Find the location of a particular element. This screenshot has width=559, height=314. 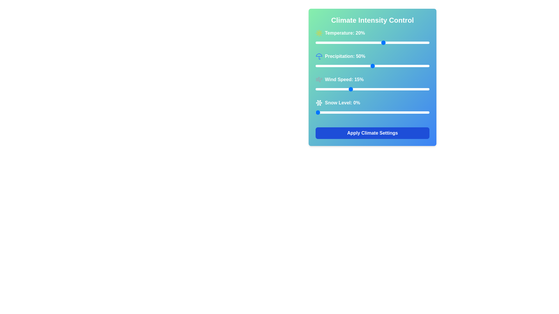

the temperature slider is located at coordinates (363, 42).